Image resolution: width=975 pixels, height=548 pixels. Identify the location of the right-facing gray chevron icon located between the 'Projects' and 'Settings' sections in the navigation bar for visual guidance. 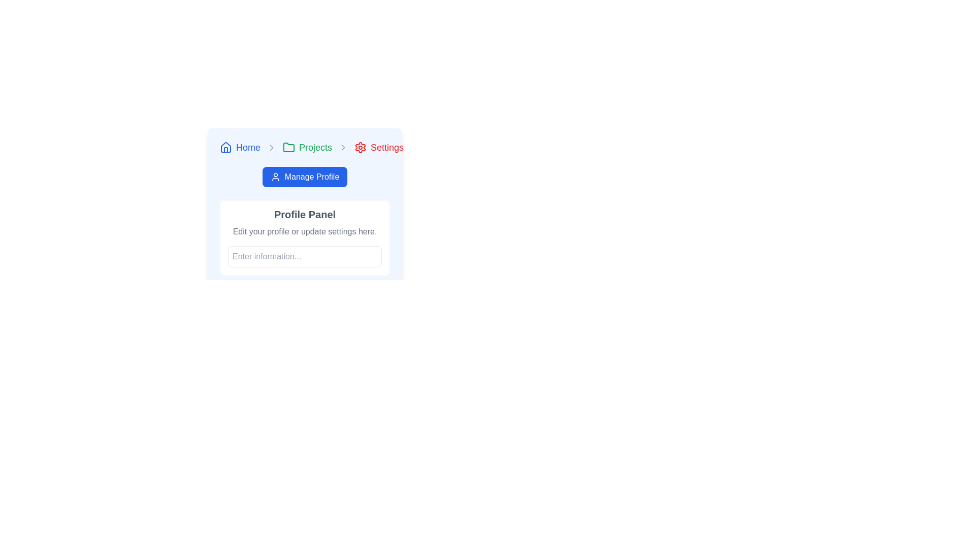
(343, 147).